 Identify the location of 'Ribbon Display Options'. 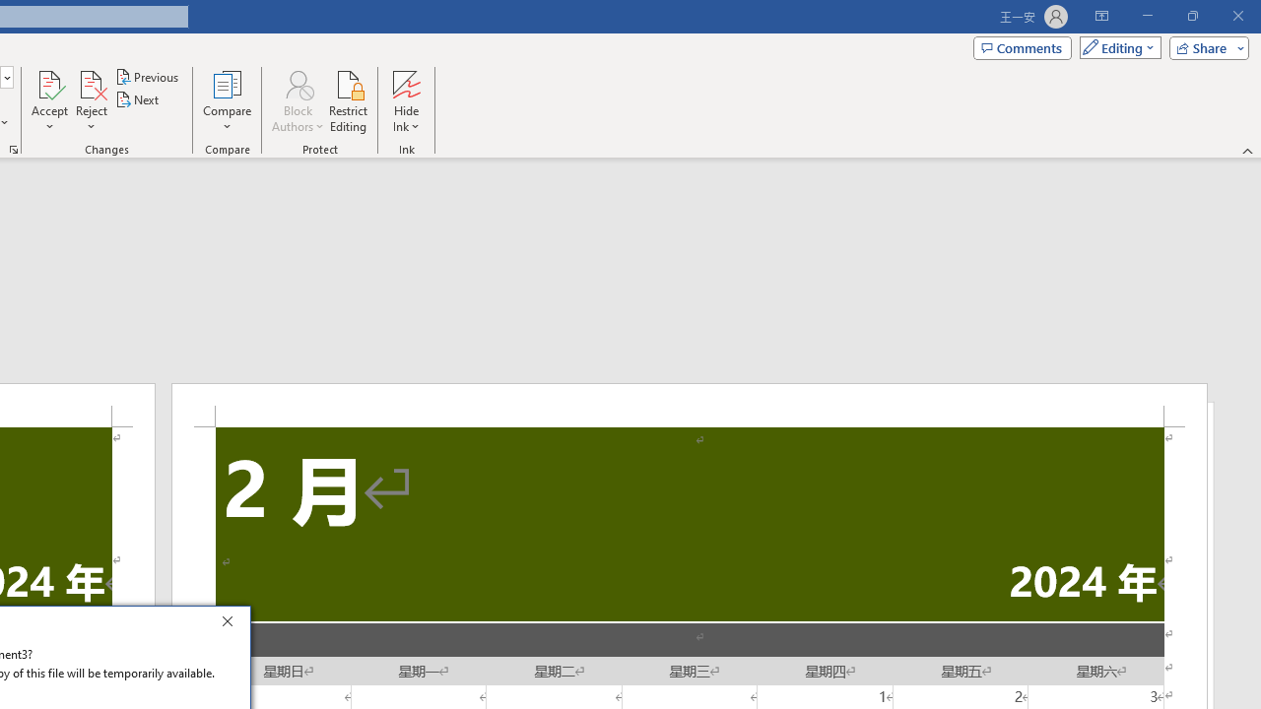
(1100, 16).